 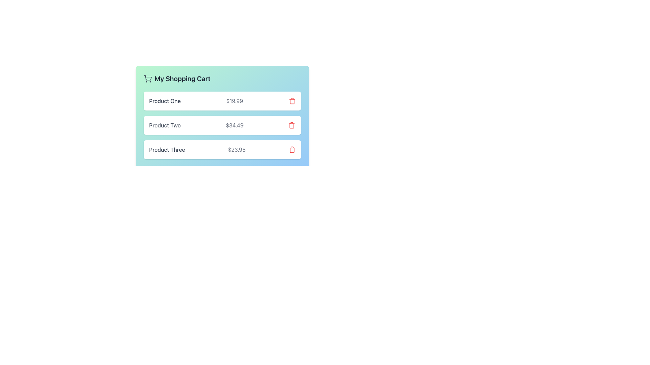 I want to click on the text label displaying 'Product One' by clicking and dragging from its center point, so click(x=165, y=101).